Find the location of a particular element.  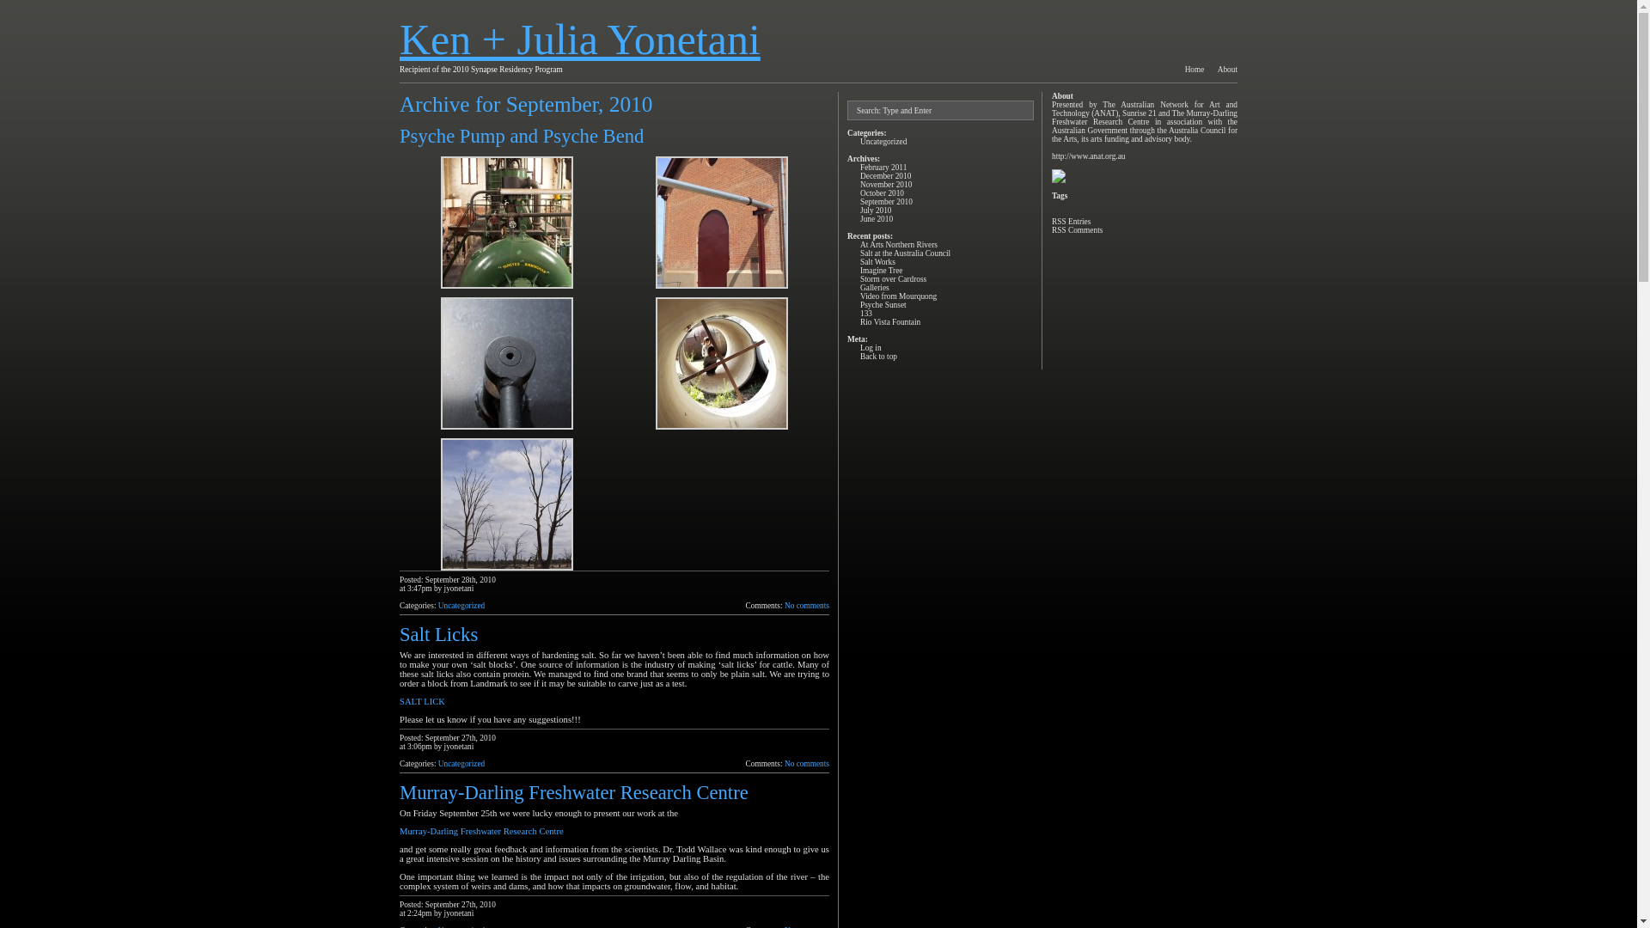

'133' is located at coordinates (860, 314).